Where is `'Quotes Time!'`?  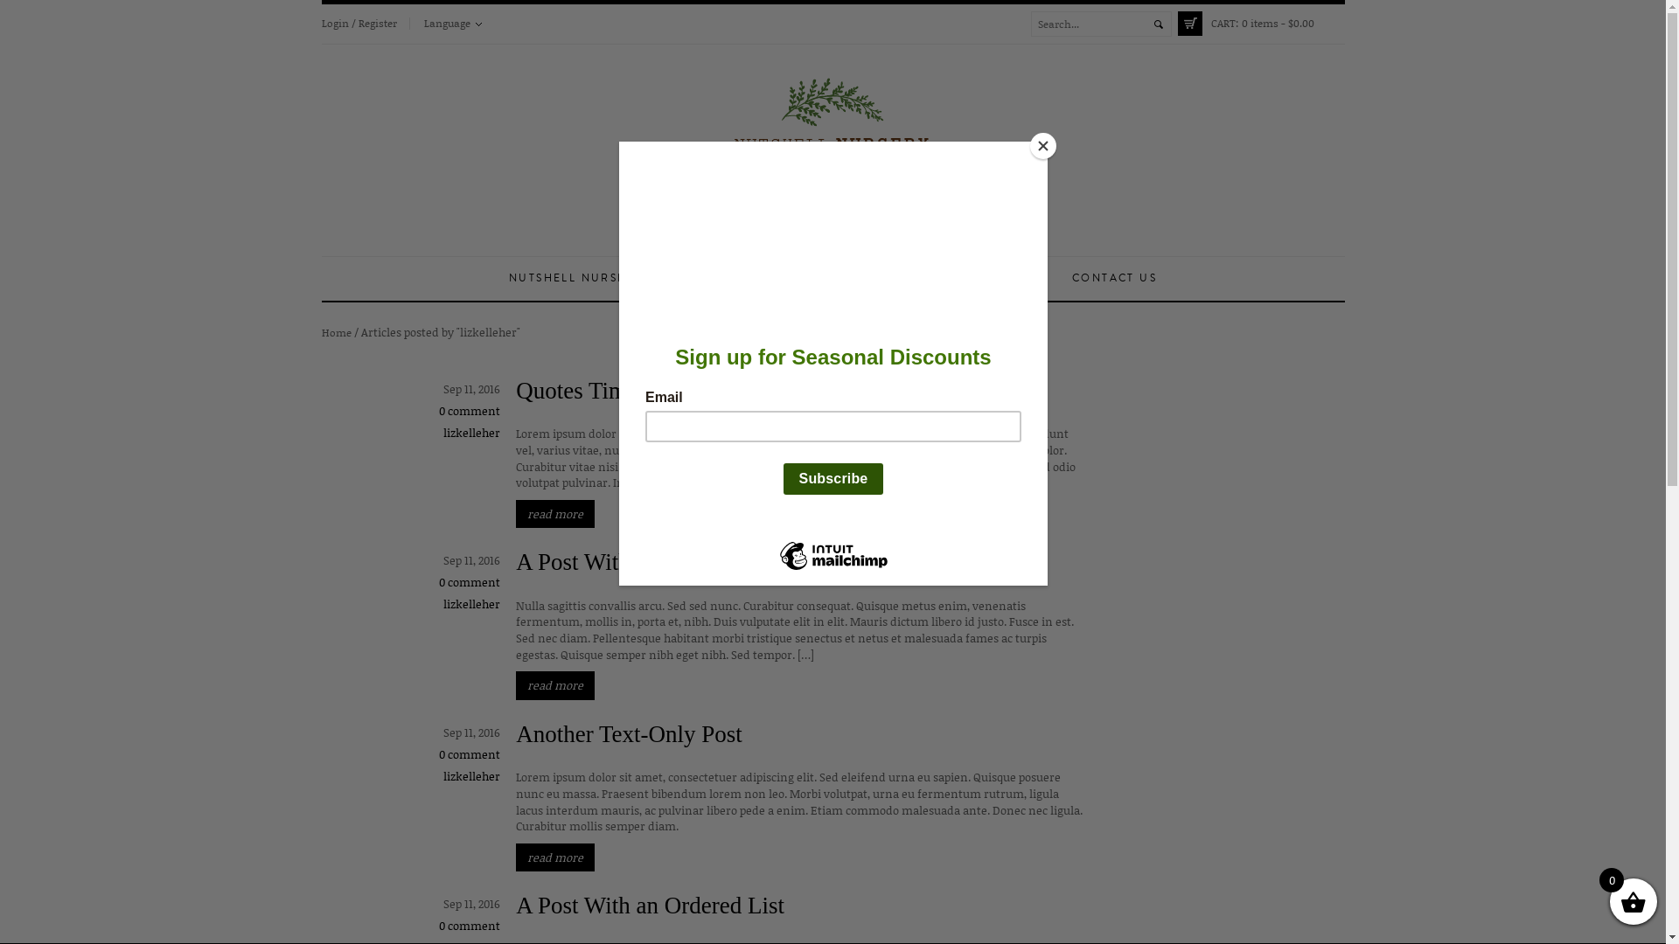 'Quotes Time!' is located at coordinates (580, 390).